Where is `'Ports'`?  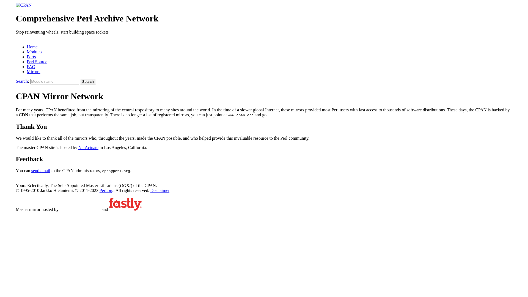 'Ports' is located at coordinates (31, 57).